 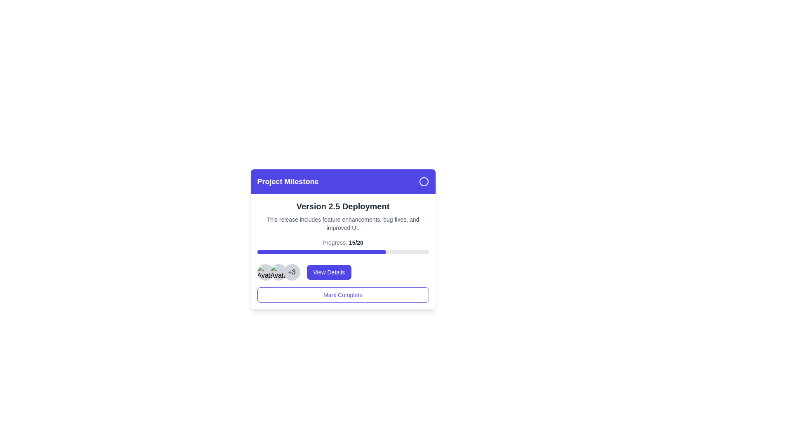 I want to click on the 'View Details' button, which has a blue background and white text, located below a progress bar and above the 'Mark Complete' button, so click(x=343, y=272).